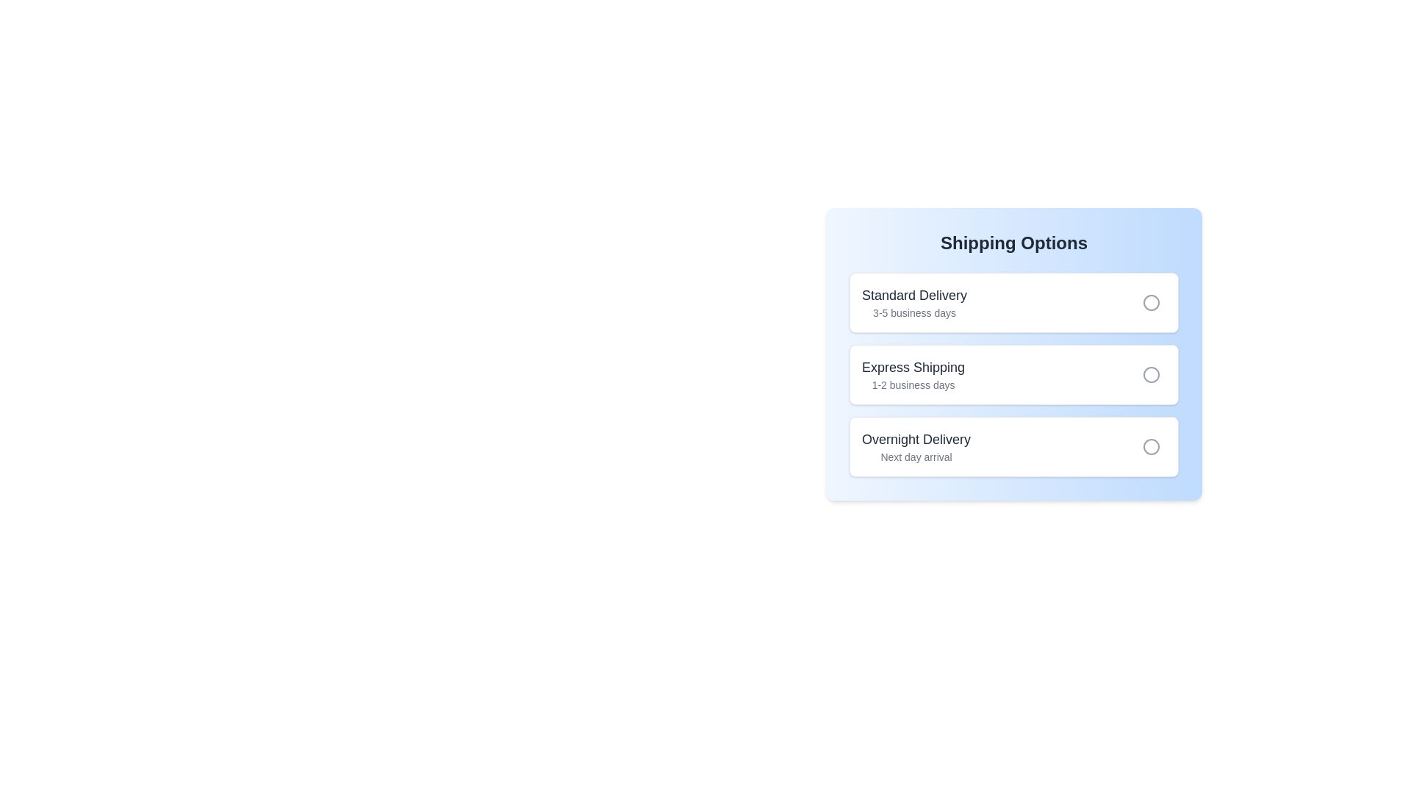 The image size is (1411, 794). Describe the element at coordinates (916, 438) in the screenshot. I see `text label 'Overnight Delivery' which is styled in a larger bold font and located above the text 'Next day arrival' in the third option group of the 'Shipping Options'` at that location.